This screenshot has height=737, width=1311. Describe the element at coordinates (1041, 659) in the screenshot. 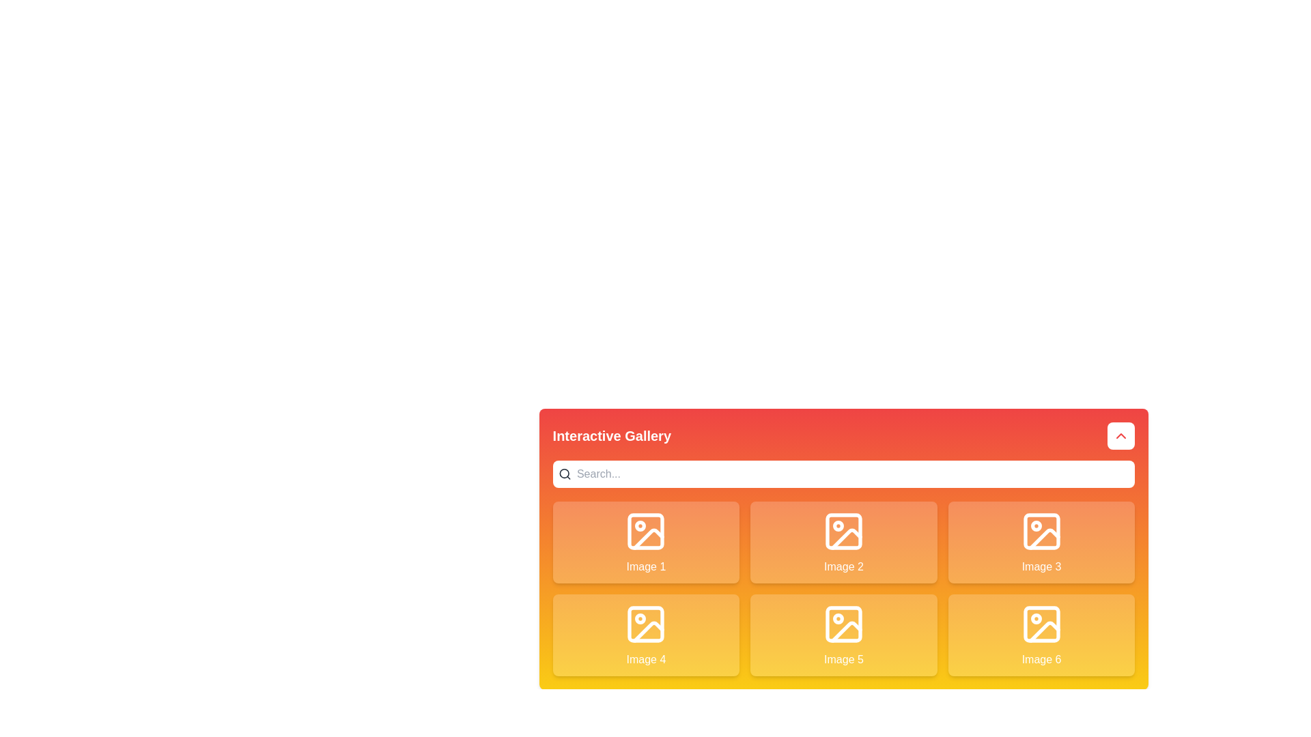

I see `text label located at the bottom of the sixth tile in the second row of the interactive gallery interface` at that location.